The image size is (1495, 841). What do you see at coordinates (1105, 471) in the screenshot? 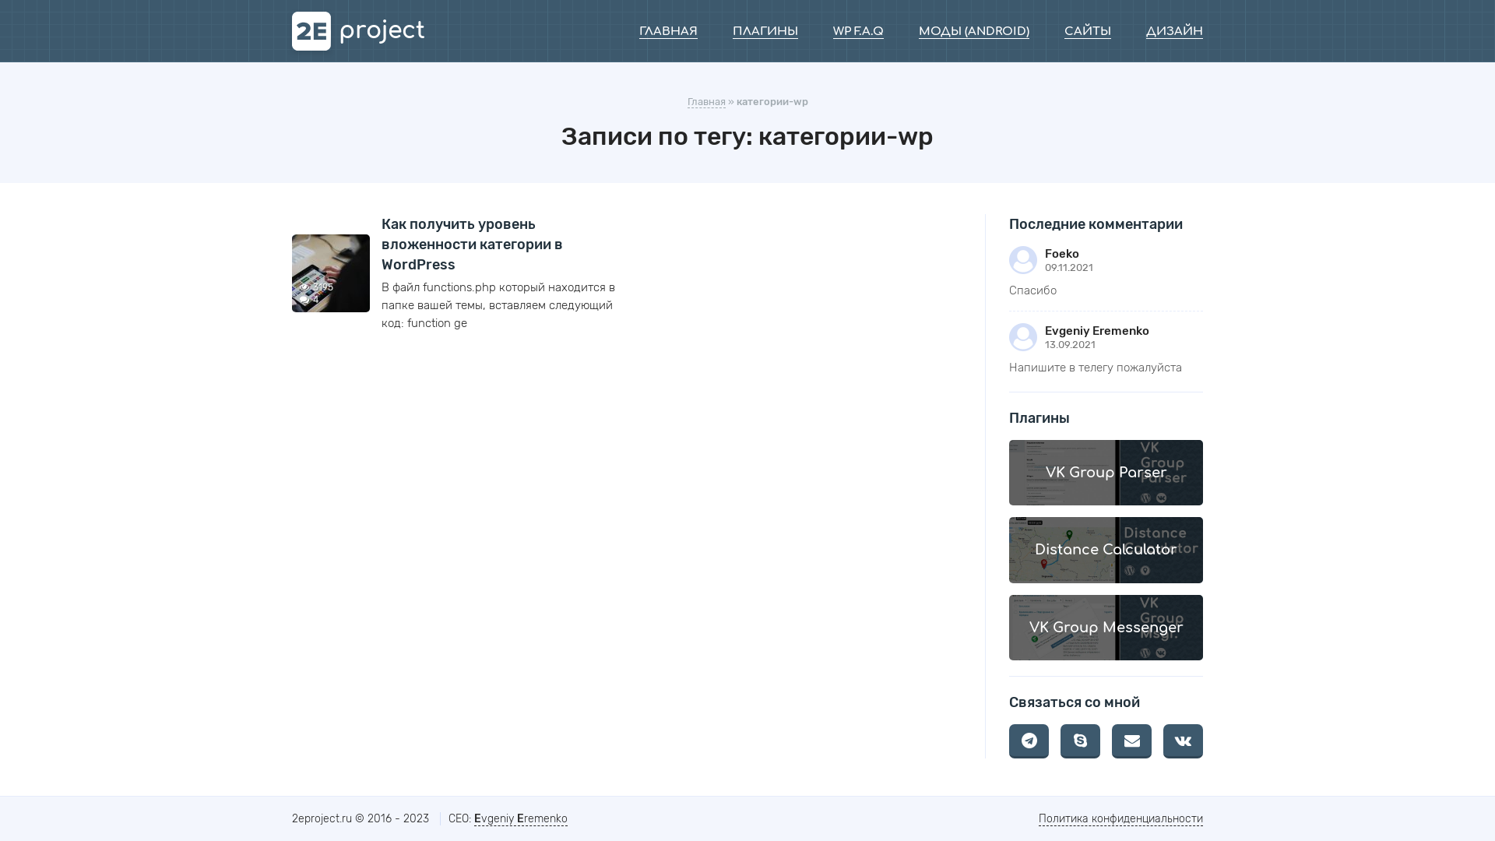
I see `'VK Group Parser'` at bounding box center [1105, 471].